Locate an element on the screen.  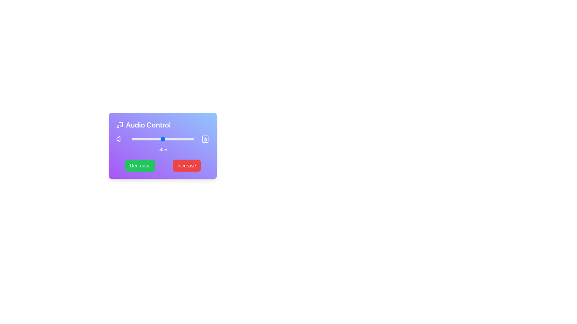
the slider is located at coordinates (148, 139).